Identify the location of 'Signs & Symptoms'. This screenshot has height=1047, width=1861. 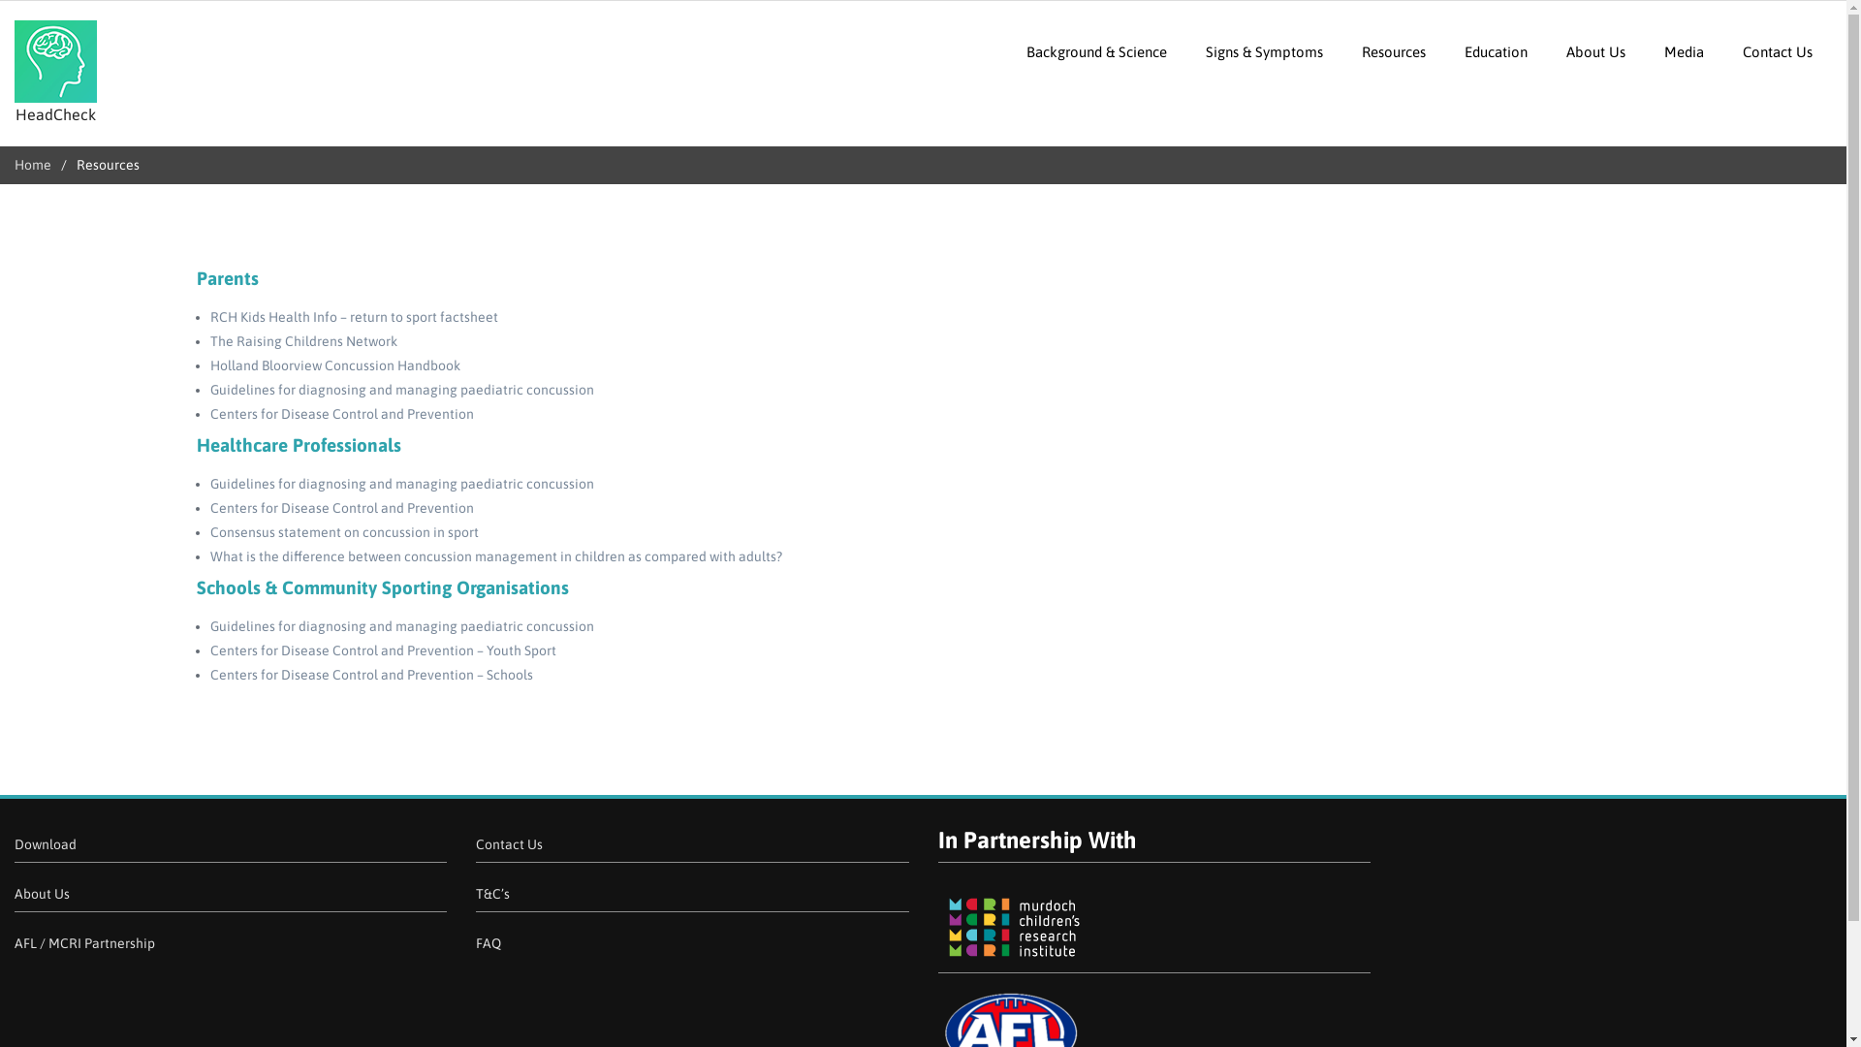
(1264, 50).